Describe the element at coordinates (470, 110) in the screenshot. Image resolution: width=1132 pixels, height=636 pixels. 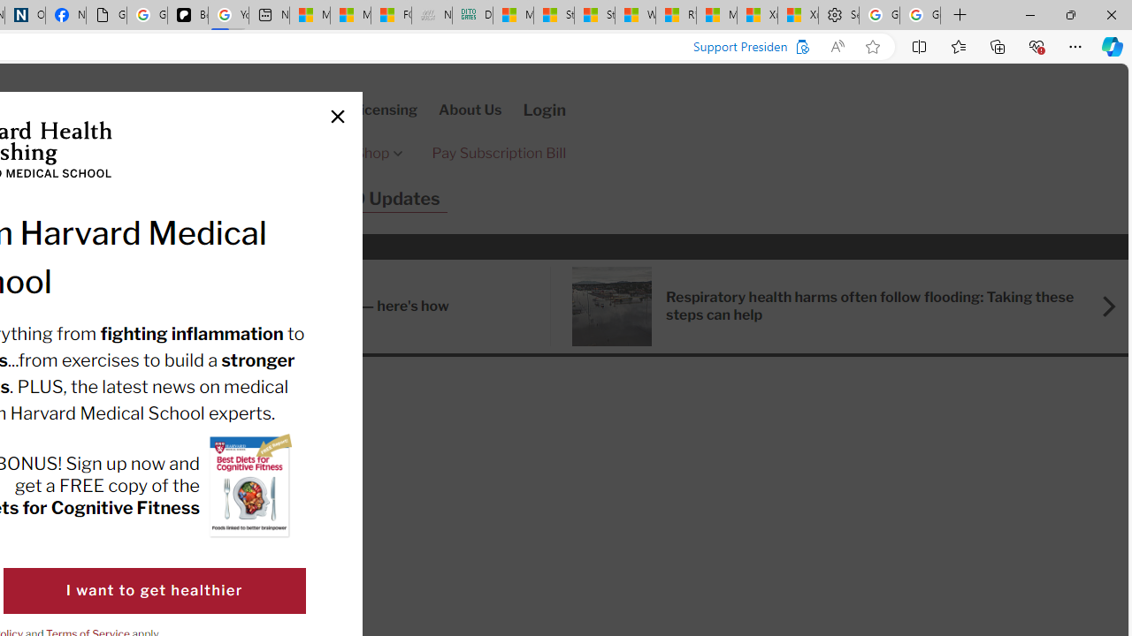
I see `'About Us'` at that location.